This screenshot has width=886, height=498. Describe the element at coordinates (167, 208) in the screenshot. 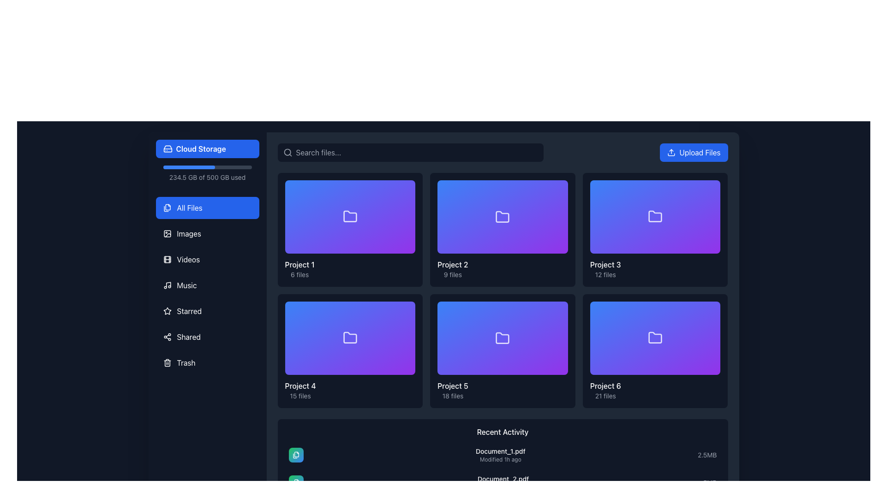

I see `the SVG Icon resembling a stack of files, located to the left of the 'All Files' text in the highlighted navigation menu` at that location.